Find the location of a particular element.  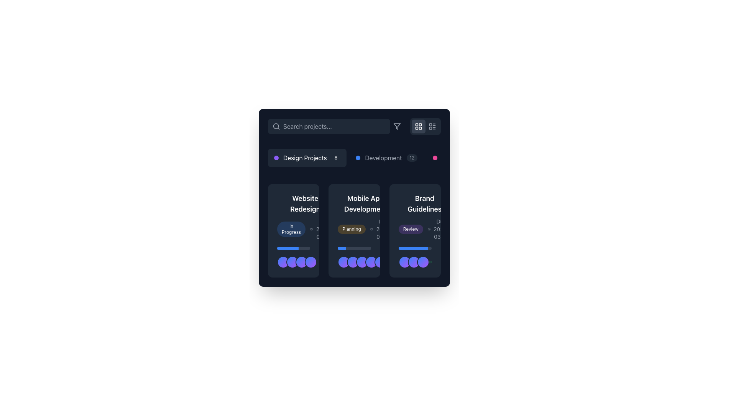

an individual avatar within the Avatar Group located at the bottom of the 'Website Redesign' card is located at coordinates (293, 257).